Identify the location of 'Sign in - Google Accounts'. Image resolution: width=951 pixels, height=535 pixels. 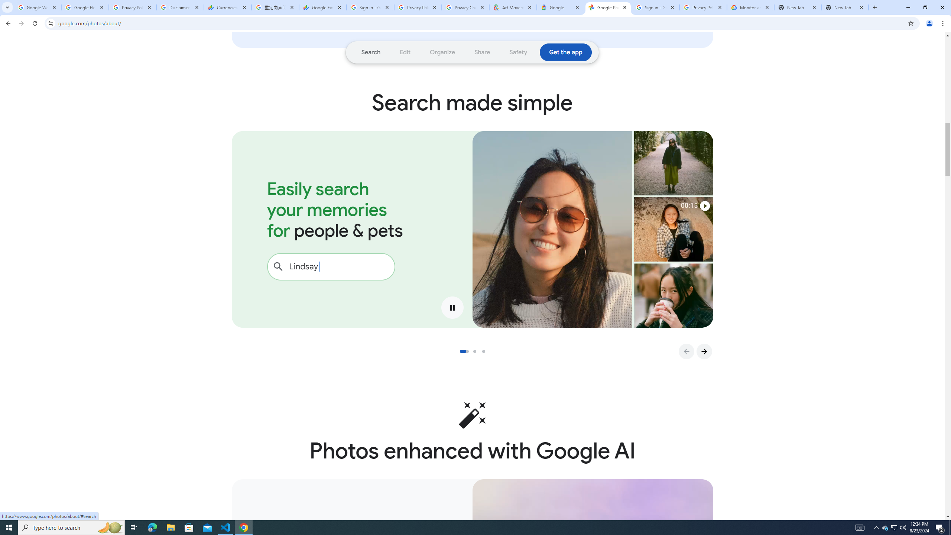
(656, 7).